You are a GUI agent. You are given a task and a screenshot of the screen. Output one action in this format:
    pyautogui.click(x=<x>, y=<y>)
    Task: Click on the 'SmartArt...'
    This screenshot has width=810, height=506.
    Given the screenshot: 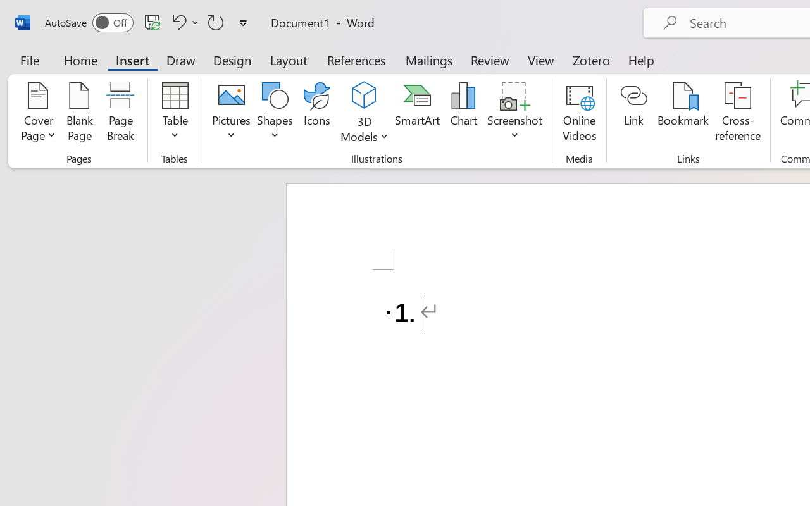 What is the action you would take?
    pyautogui.click(x=417, y=113)
    